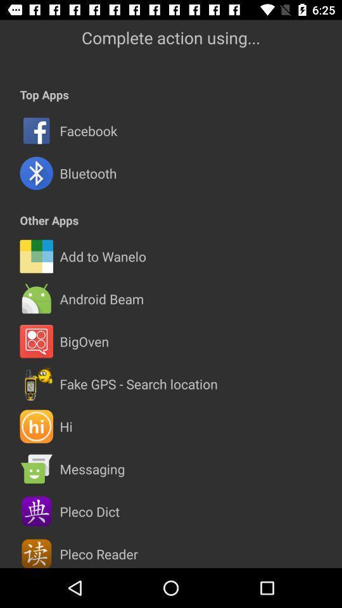 The height and width of the screenshot is (608, 342). Describe the element at coordinates (84, 341) in the screenshot. I see `the bigoven` at that location.